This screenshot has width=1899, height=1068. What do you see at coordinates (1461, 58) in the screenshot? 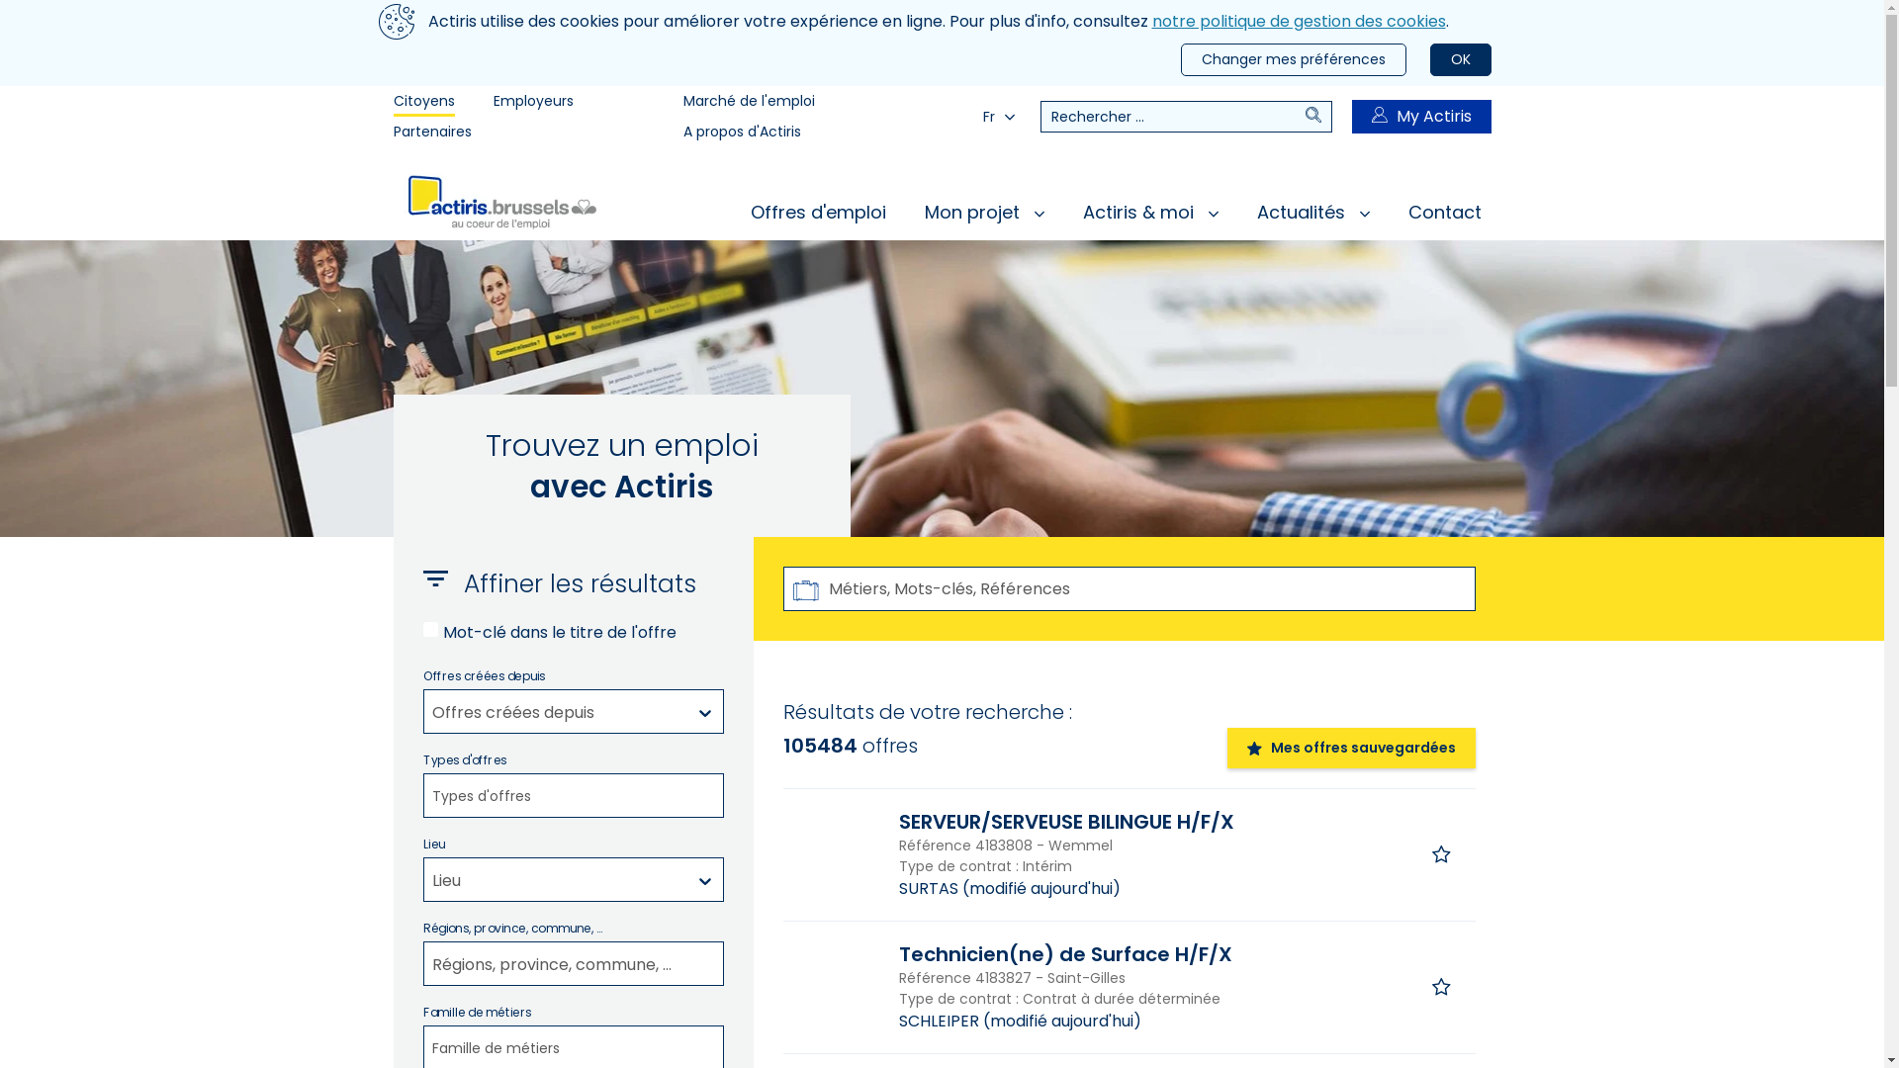
I see `'OK'` at bounding box center [1461, 58].